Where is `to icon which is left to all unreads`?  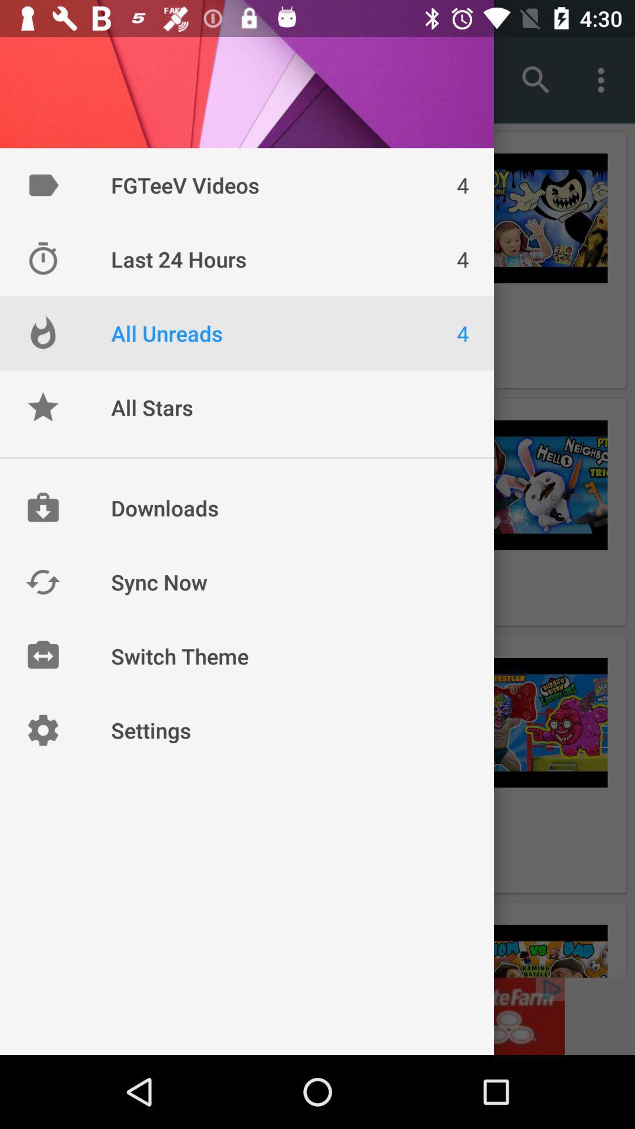
to icon which is left to all unreads is located at coordinates (42, 332).